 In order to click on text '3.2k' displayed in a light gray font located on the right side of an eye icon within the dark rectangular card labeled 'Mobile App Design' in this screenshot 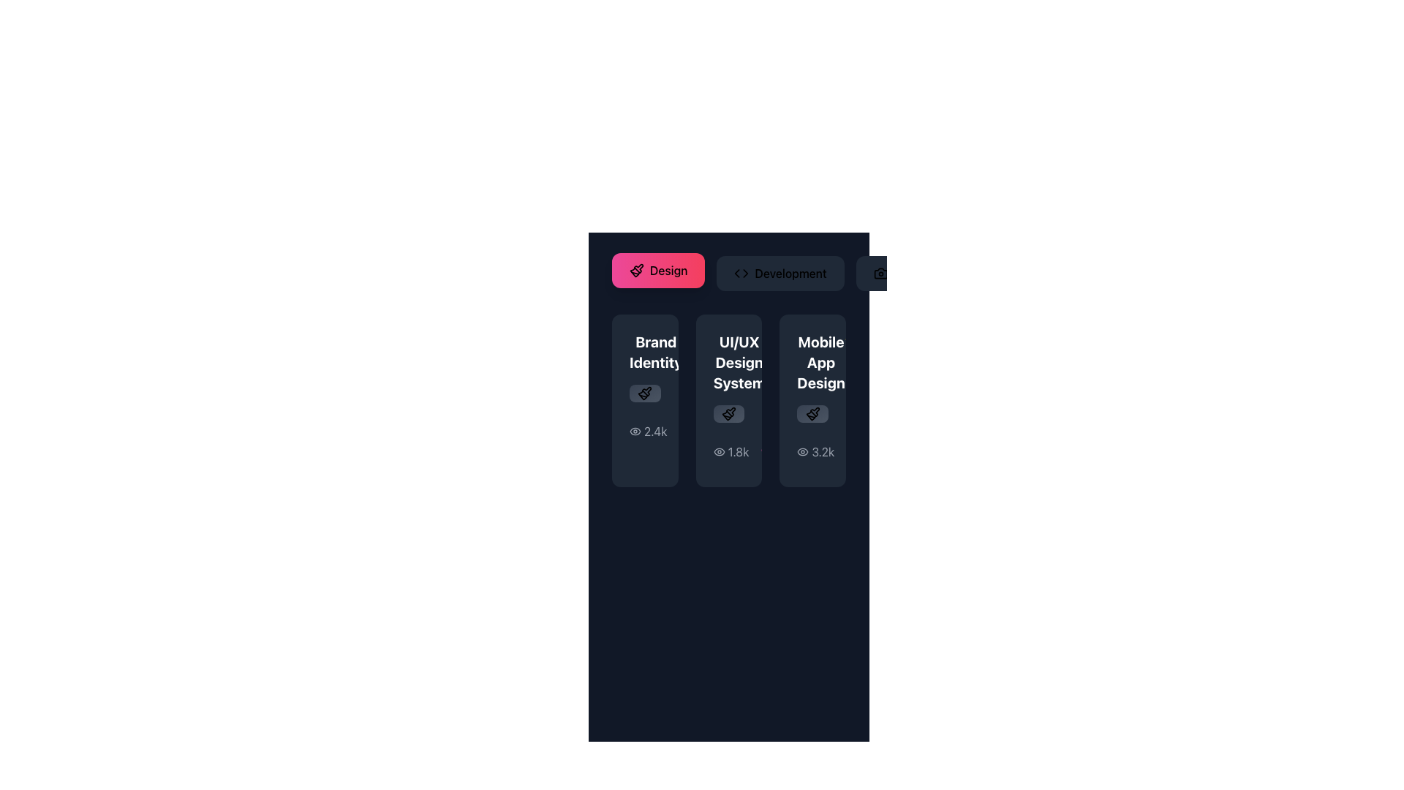, I will do `click(823, 451)`.